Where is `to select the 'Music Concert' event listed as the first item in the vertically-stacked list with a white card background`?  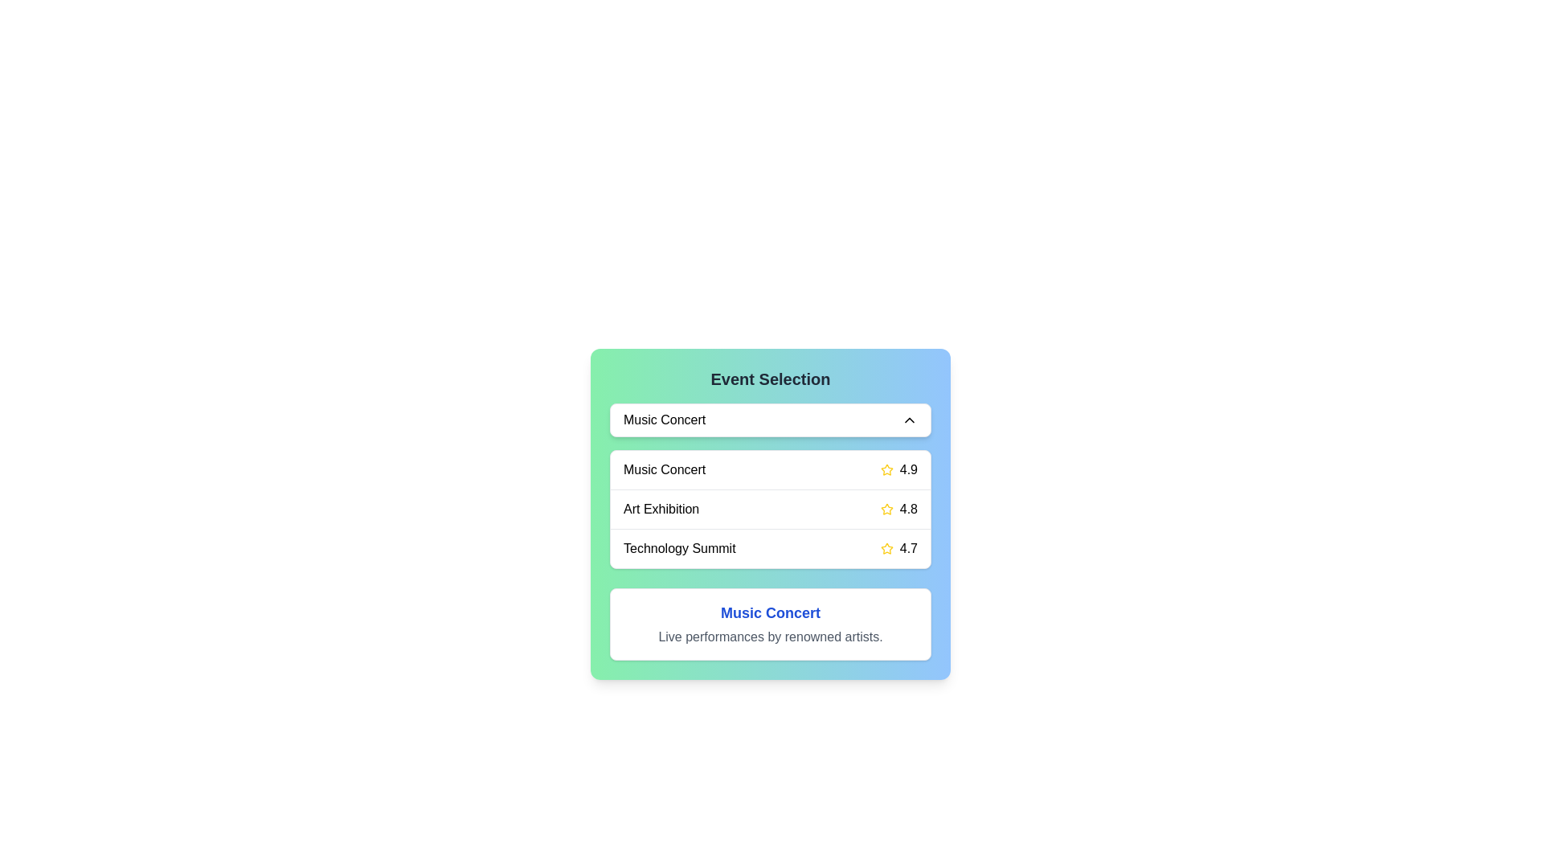 to select the 'Music Concert' event listed as the first item in the vertically-stacked list with a white card background is located at coordinates (770, 470).